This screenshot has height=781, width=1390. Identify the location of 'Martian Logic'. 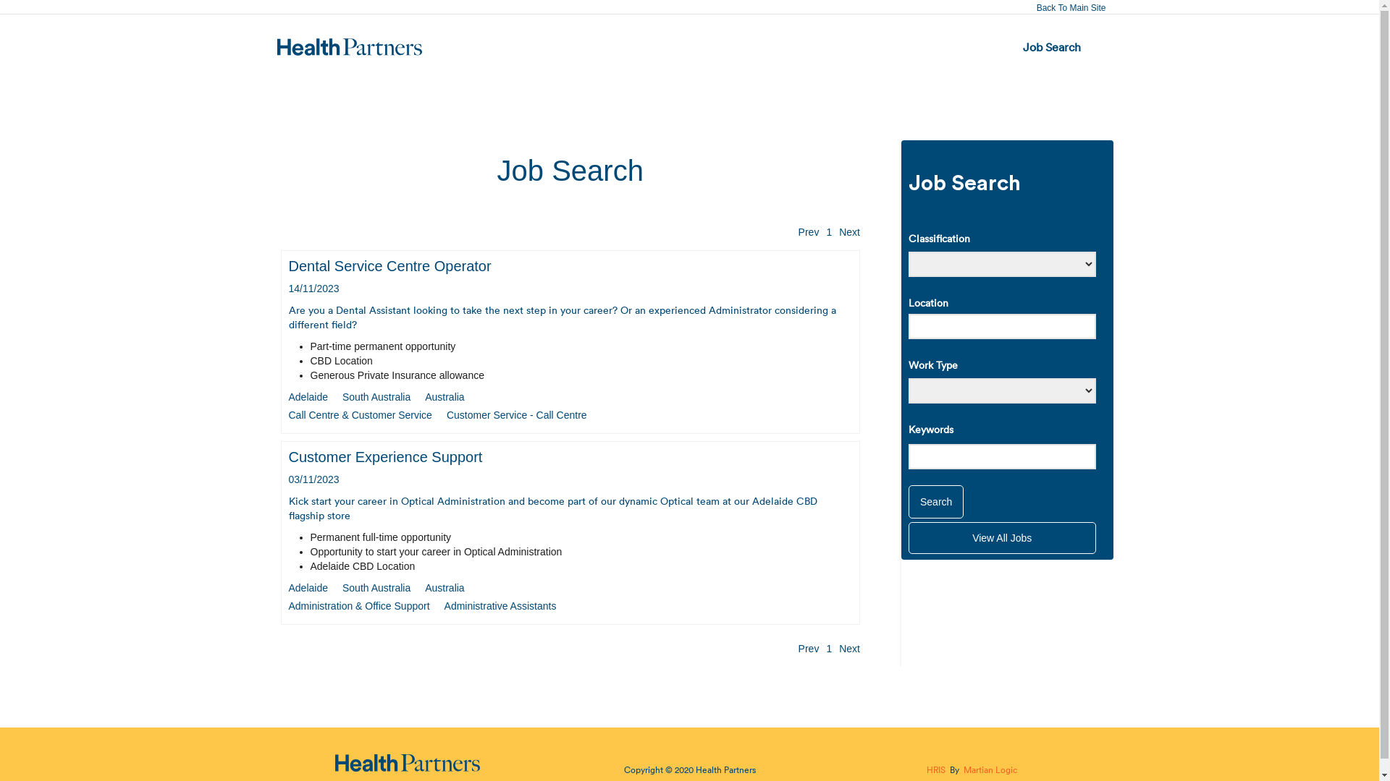
(990, 769).